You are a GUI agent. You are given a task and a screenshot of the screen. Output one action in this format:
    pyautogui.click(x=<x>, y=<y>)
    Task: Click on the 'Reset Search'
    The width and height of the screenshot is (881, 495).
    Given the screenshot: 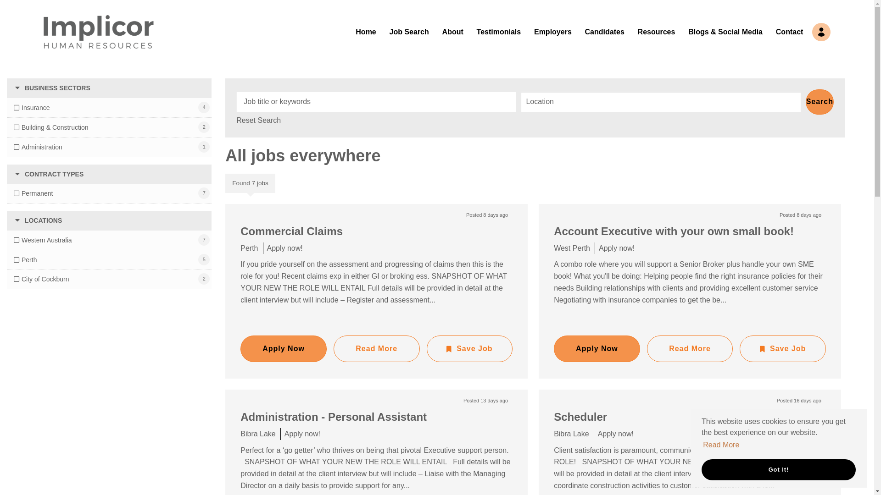 What is the action you would take?
    pyautogui.click(x=258, y=120)
    